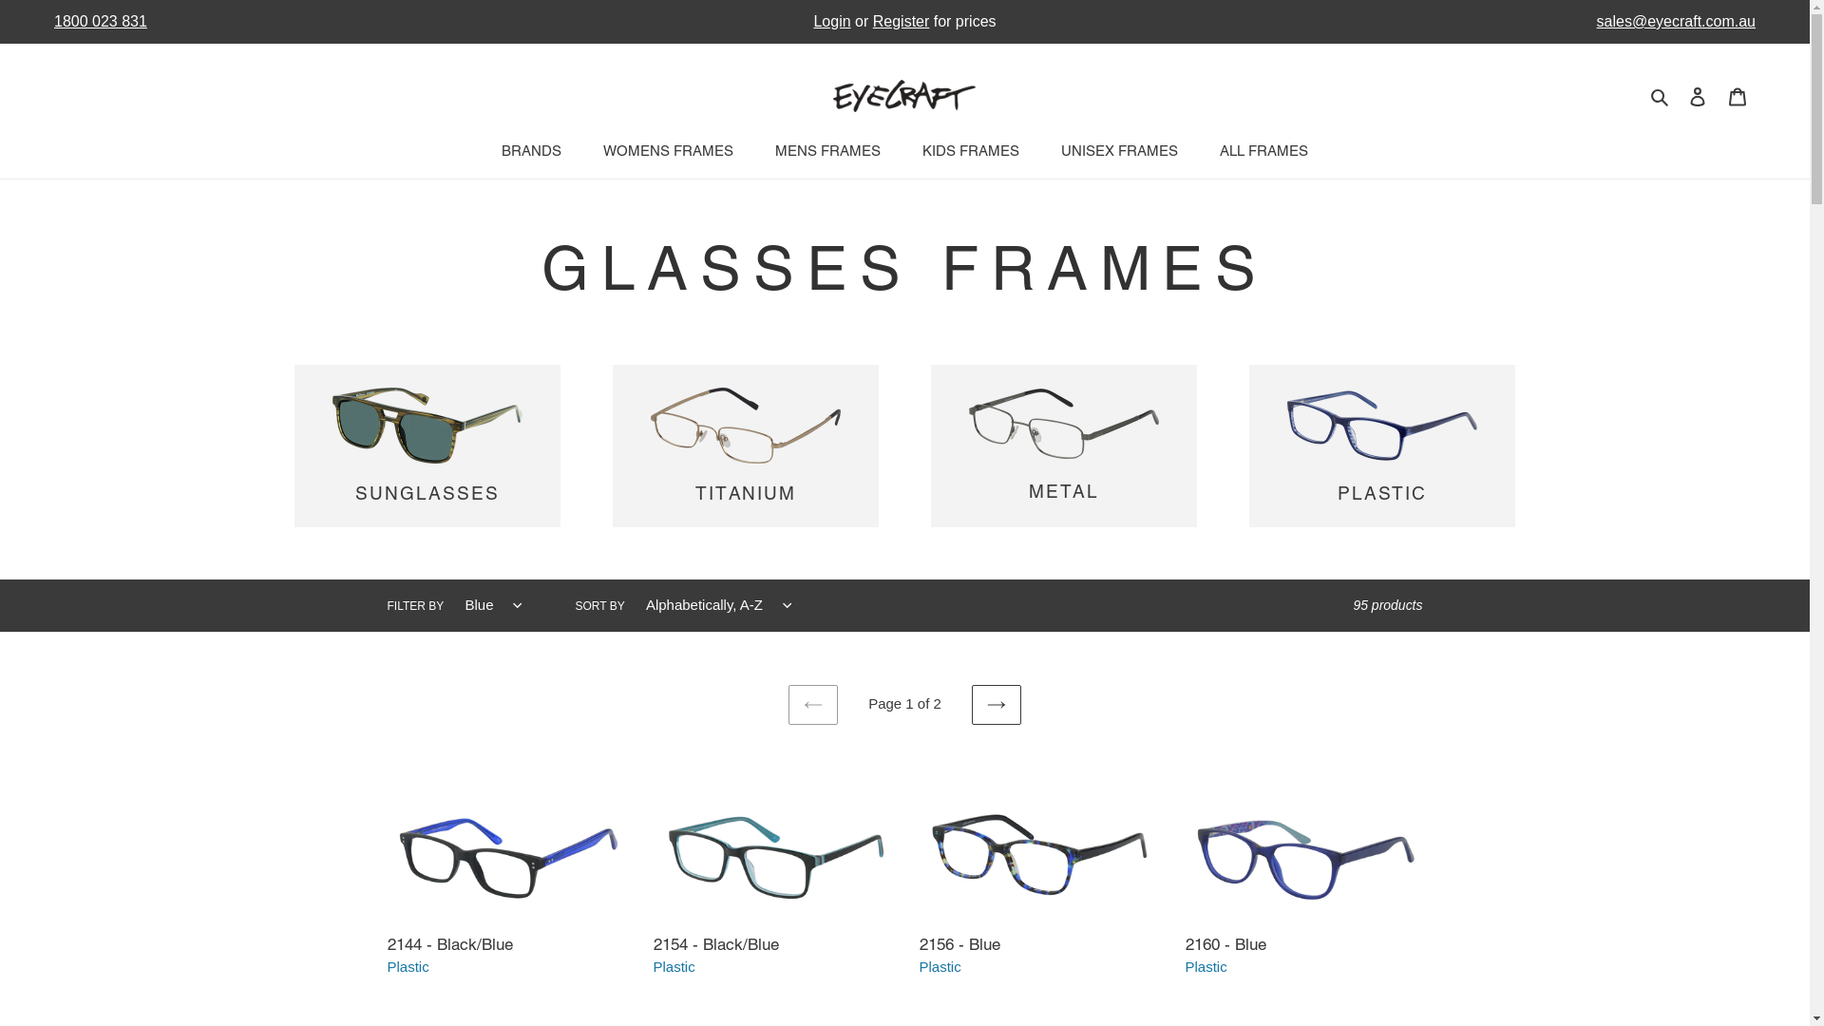 Image resolution: width=1824 pixels, height=1026 pixels. What do you see at coordinates (294, 446) in the screenshot?
I see `'SUNGLASSES'` at bounding box center [294, 446].